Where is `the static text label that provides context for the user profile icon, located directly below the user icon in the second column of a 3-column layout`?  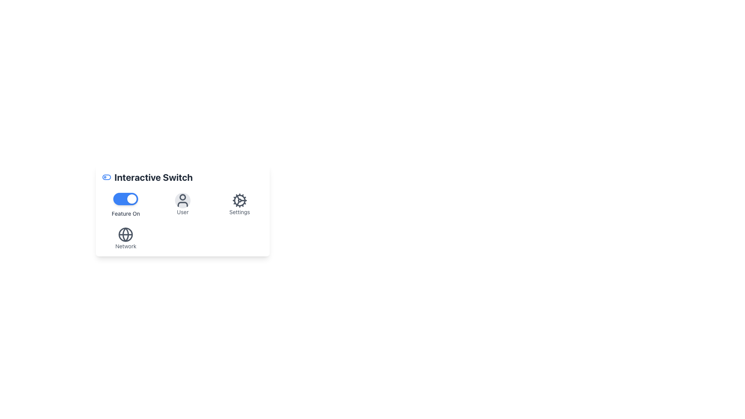
the static text label that provides context for the user profile icon, located directly below the user icon in the second column of a 3-column layout is located at coordinates (182, 212).